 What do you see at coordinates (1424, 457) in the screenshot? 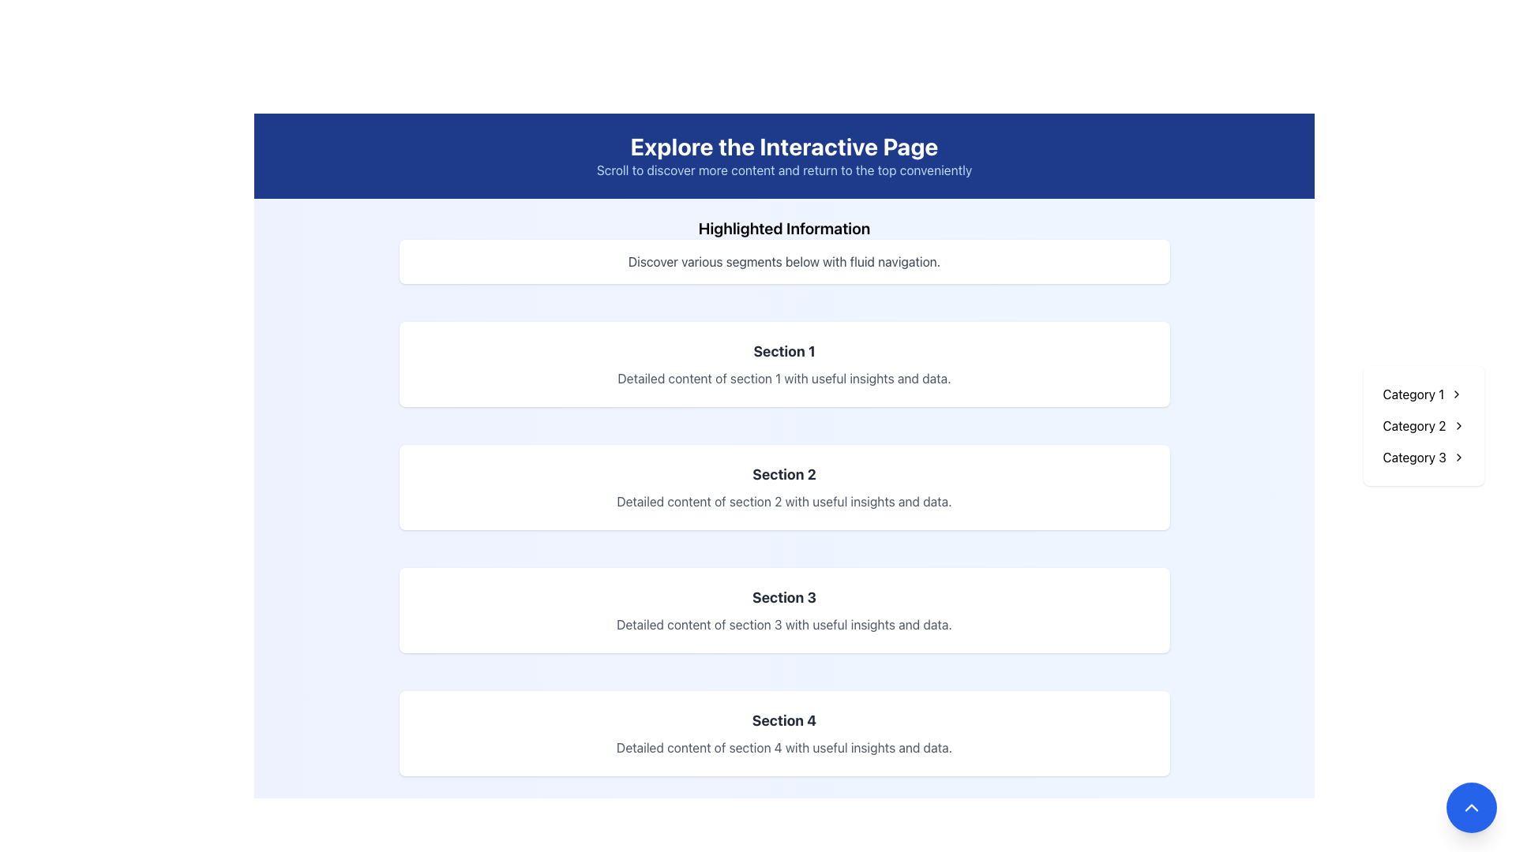
I see `the 'Category 3' interactive text link with an icon to change its text color to blue` at bounding box center [1424, 457].